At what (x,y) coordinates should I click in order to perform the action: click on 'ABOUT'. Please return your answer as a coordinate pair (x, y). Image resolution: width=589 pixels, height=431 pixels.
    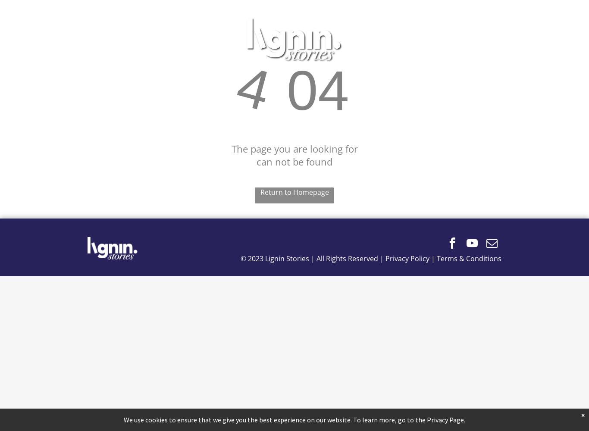
    Looking at the image, I should click on (175, 39).